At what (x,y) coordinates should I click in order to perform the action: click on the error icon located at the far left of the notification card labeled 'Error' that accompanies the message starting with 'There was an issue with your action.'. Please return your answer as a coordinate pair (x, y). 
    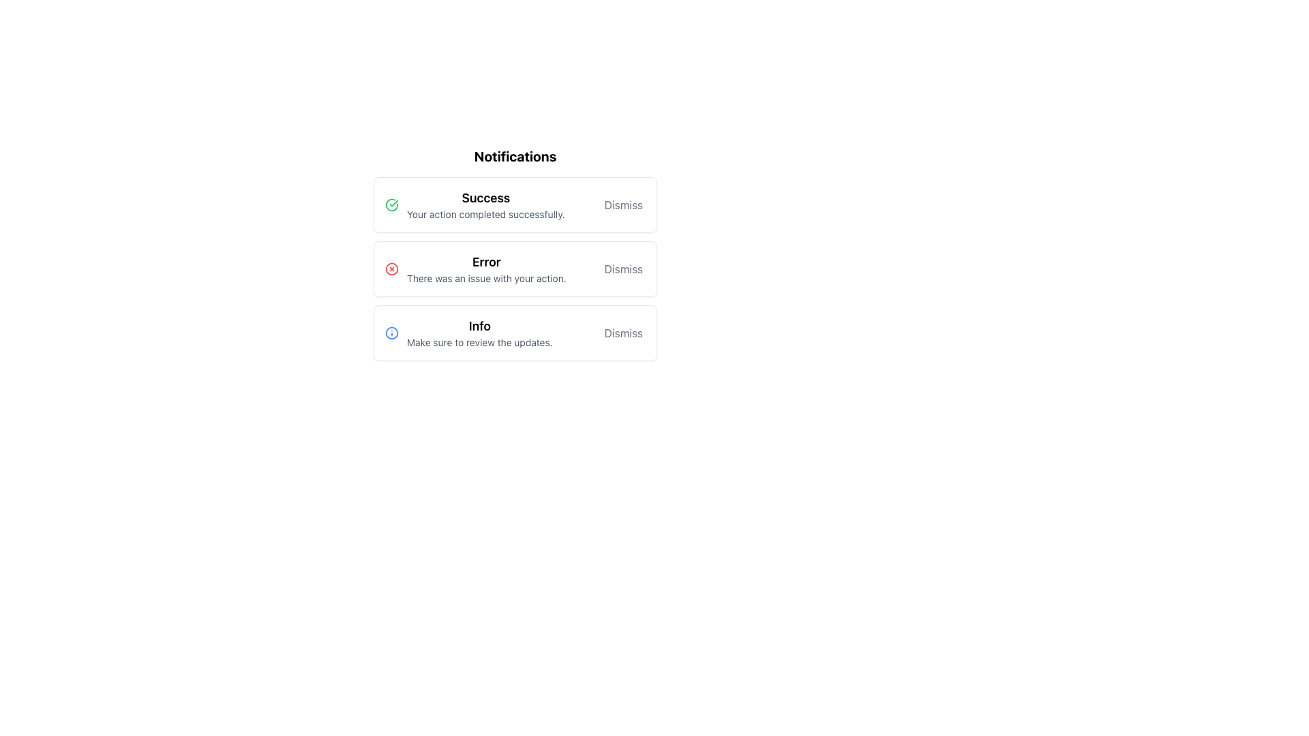
    Looking at the image, I should click on (391, 269).